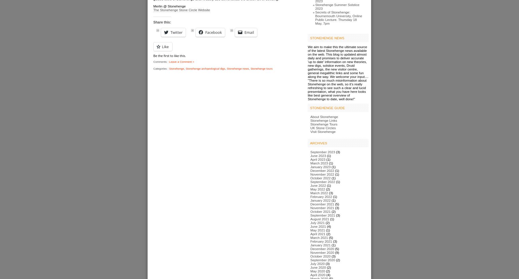 This screenshot has width=519, height=279. Describe the element at coordinates (320, 245) in the screenshot. I see `'January 2021'` at that location.